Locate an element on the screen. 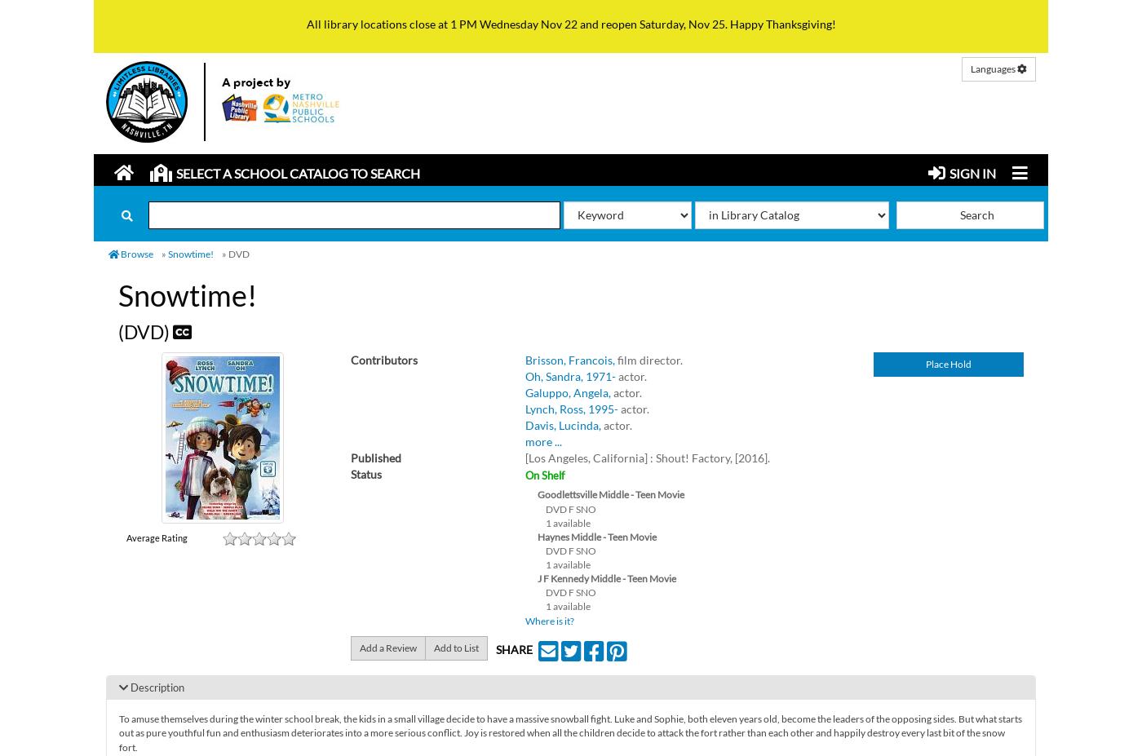 The height and width of the screenshot is (756, 1142). 'Amqui Elementary' is located at coordinates (215, 241).